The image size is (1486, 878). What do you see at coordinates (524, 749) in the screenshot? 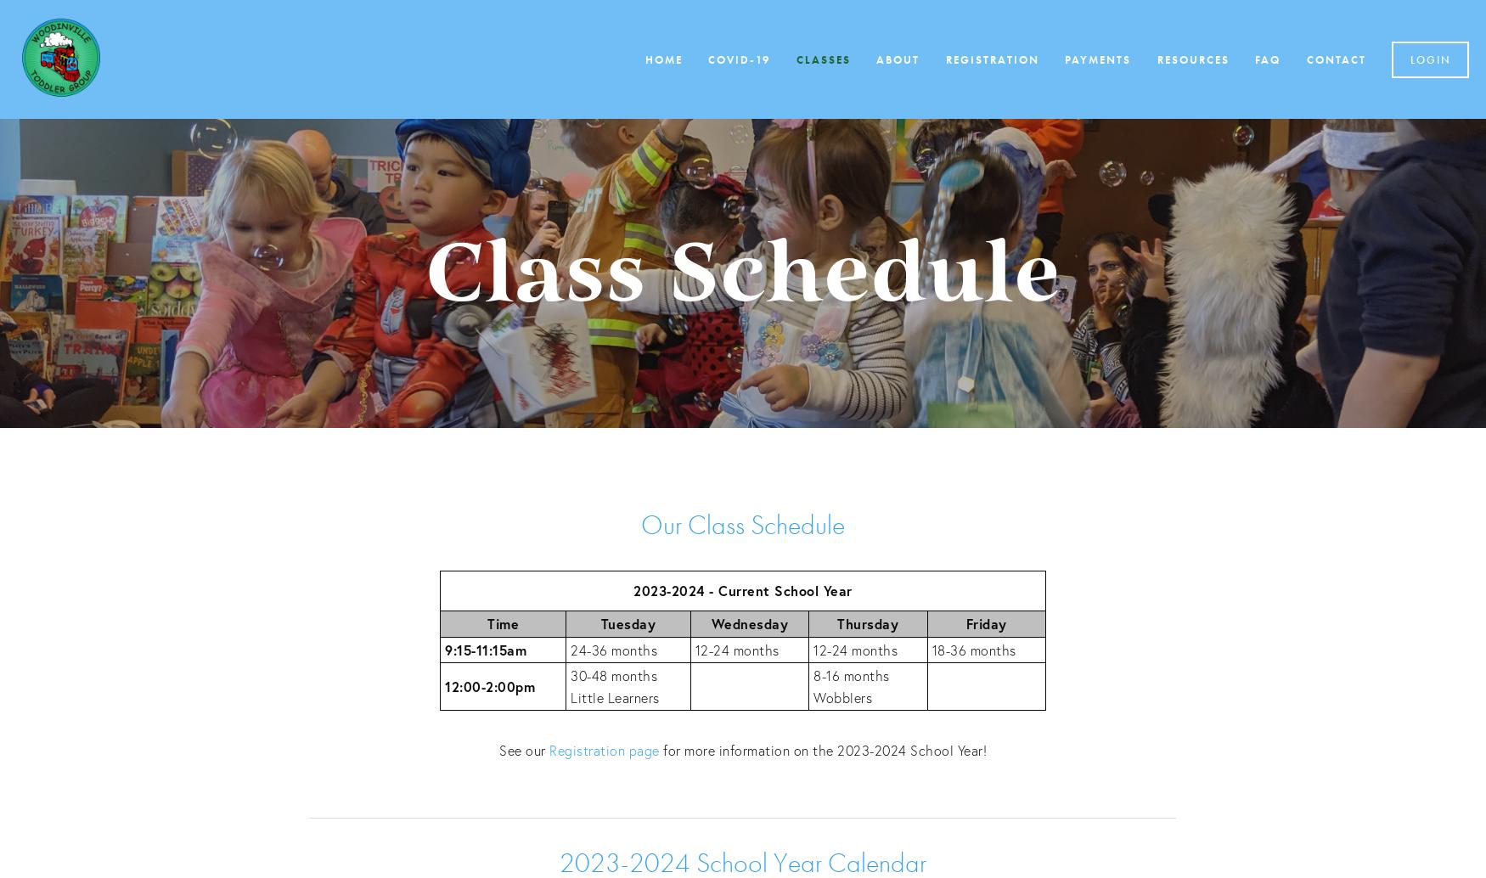
I see `'See our'` at bounding box center [524, 749].